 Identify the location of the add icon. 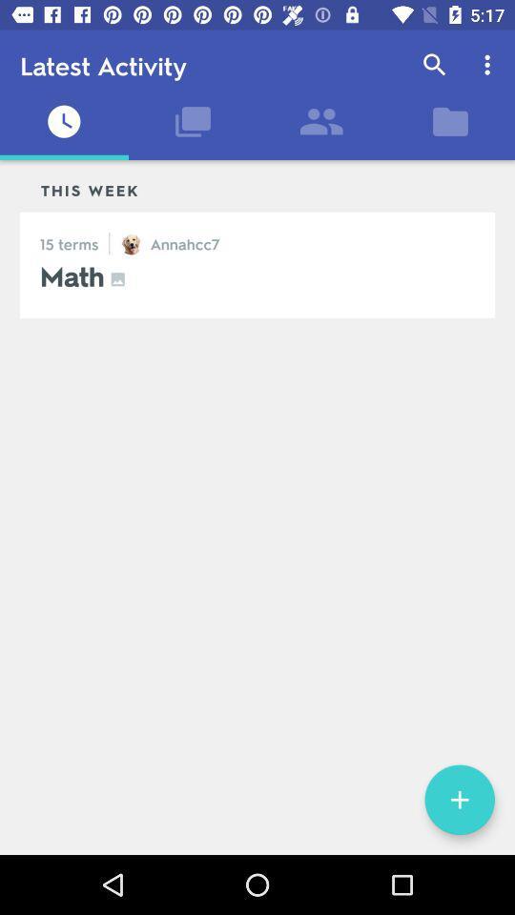
(459, 800).